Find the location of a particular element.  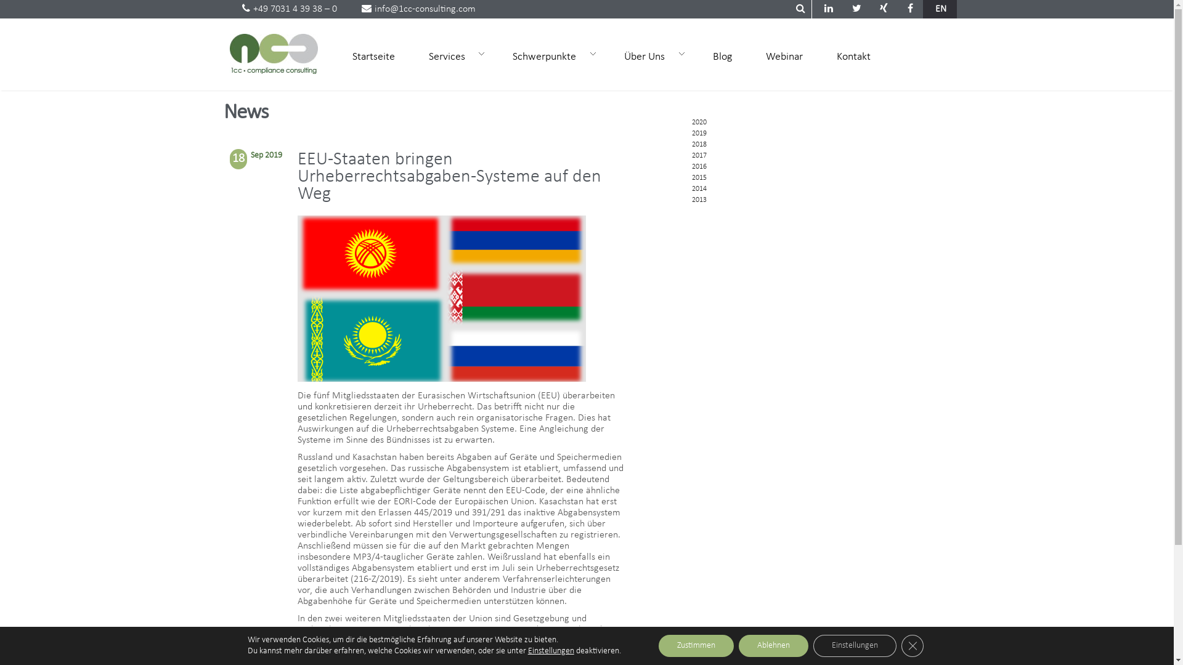

'2017' is located at coordinates (691, 155).